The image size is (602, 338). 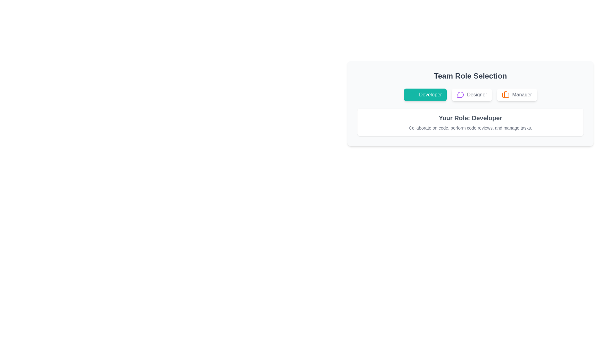 What do you see at coordinates (517, 95) in the screenshot?
I see `the 'Manager' role selection button located in the upper right section of the role-selection buttons group` at bounding box center [517, 95].